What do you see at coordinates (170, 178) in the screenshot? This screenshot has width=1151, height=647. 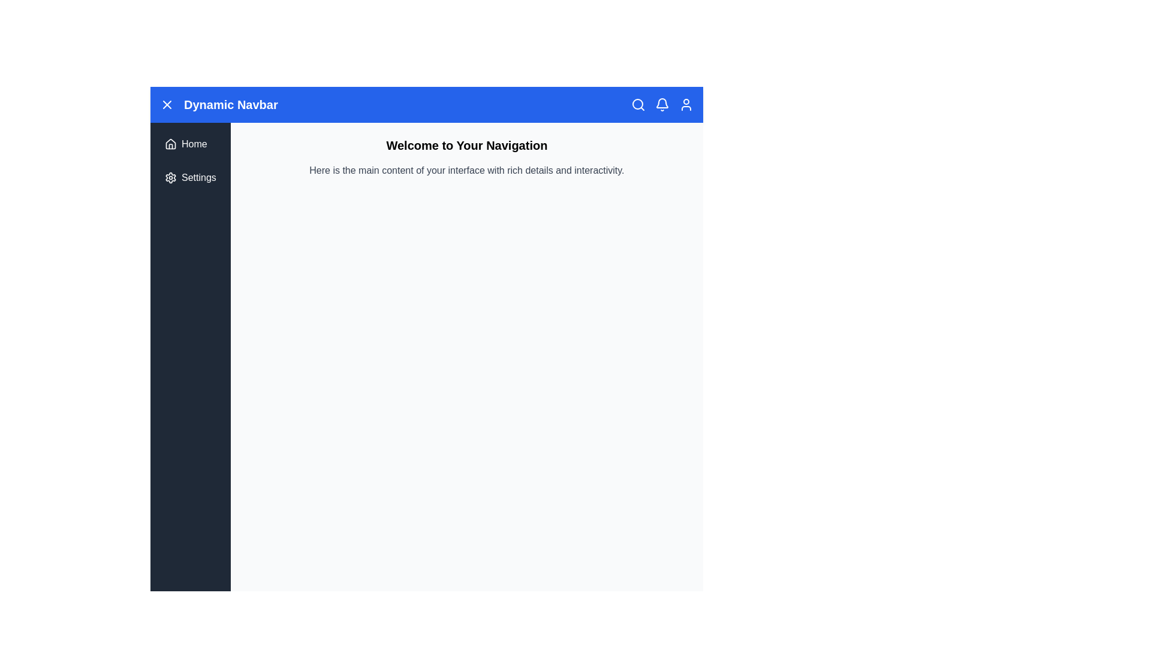 I see `the Decorative icon component of the 'Settings' symbol located in the left-hand navigation bar to trigger 'Settings' related actions` at bounding box center [170, 178].